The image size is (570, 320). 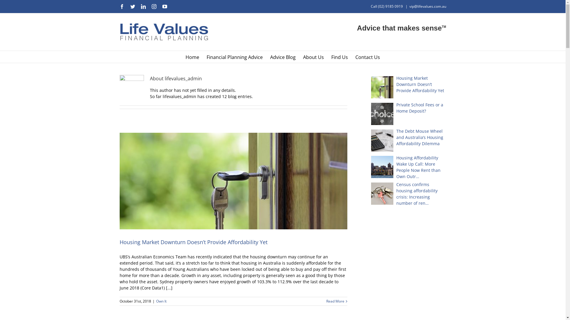 I want to click on 'Private School Fees or a Home Deposit?', so click(x=370, y=108).